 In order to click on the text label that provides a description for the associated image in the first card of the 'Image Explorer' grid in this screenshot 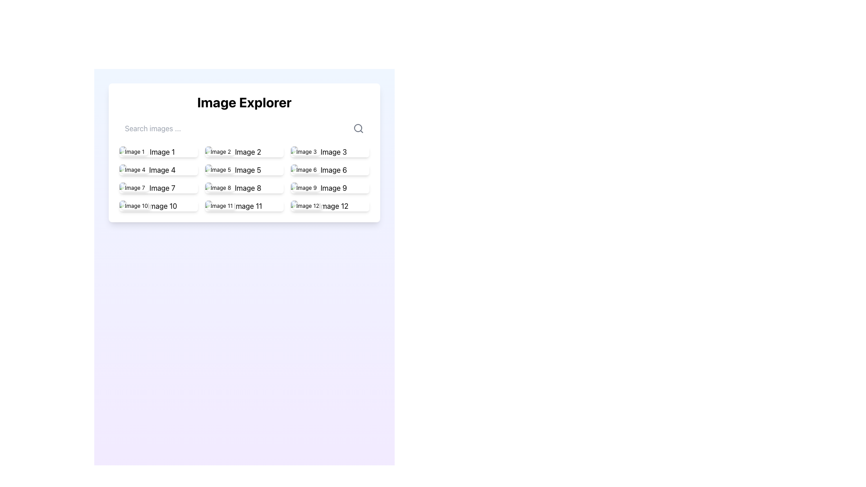, I will do `click(134, 151)`.